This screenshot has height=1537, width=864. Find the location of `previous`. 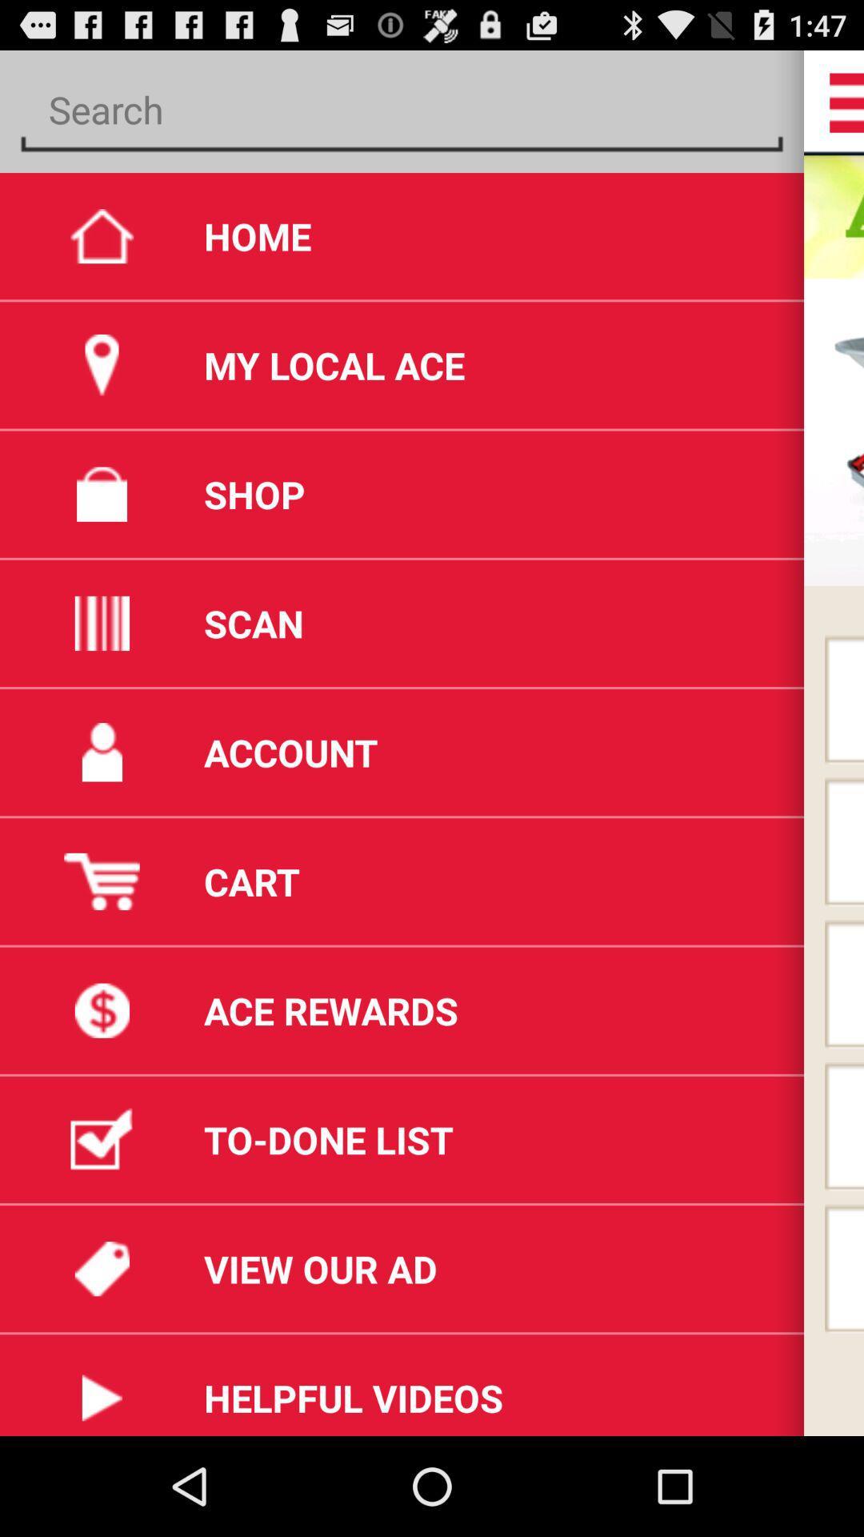

previous is located at coordinates (401, 110).